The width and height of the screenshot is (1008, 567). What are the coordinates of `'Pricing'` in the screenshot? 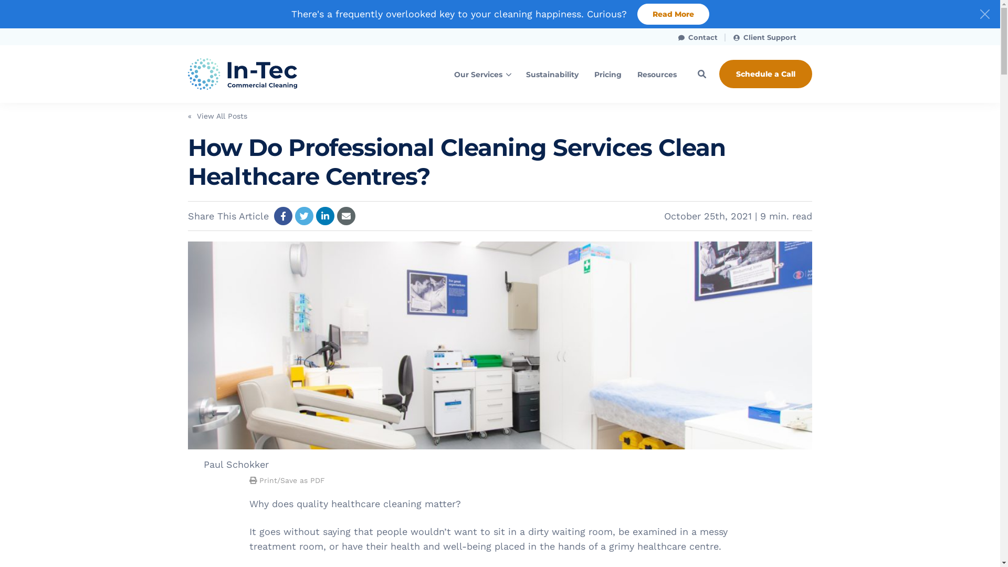 It's located at (607, 73).